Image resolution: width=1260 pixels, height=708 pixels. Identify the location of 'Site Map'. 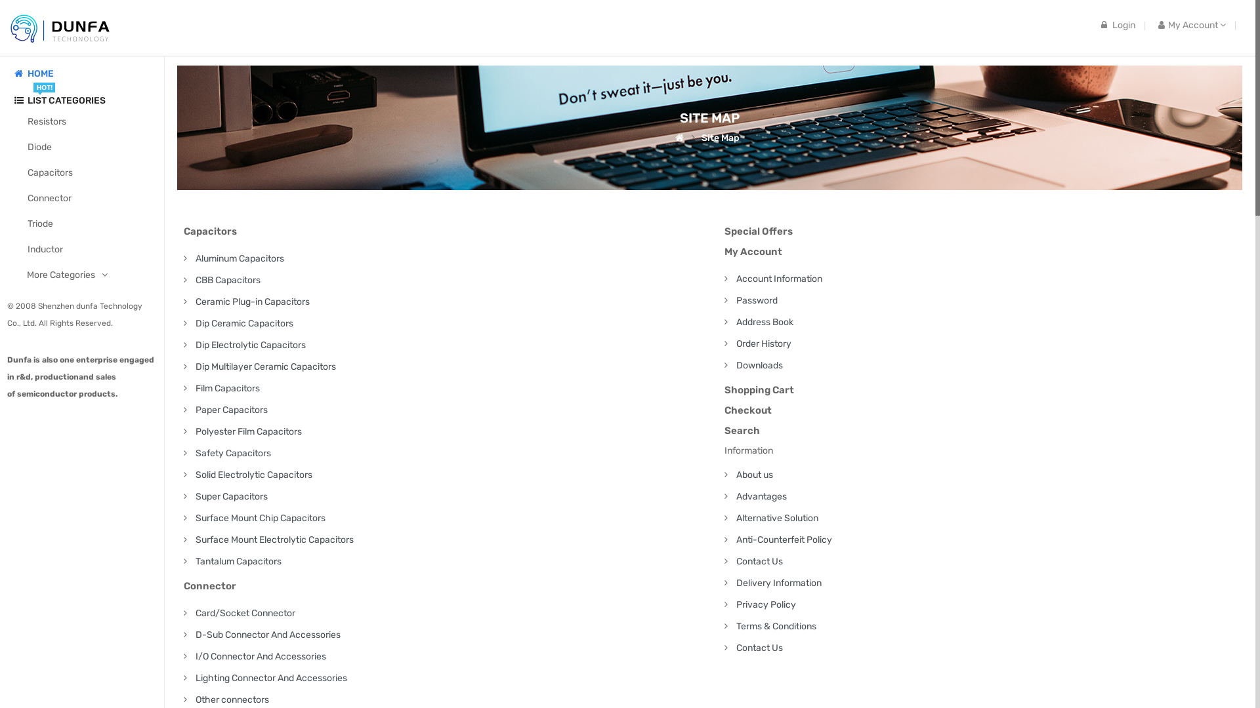
(720, 138).